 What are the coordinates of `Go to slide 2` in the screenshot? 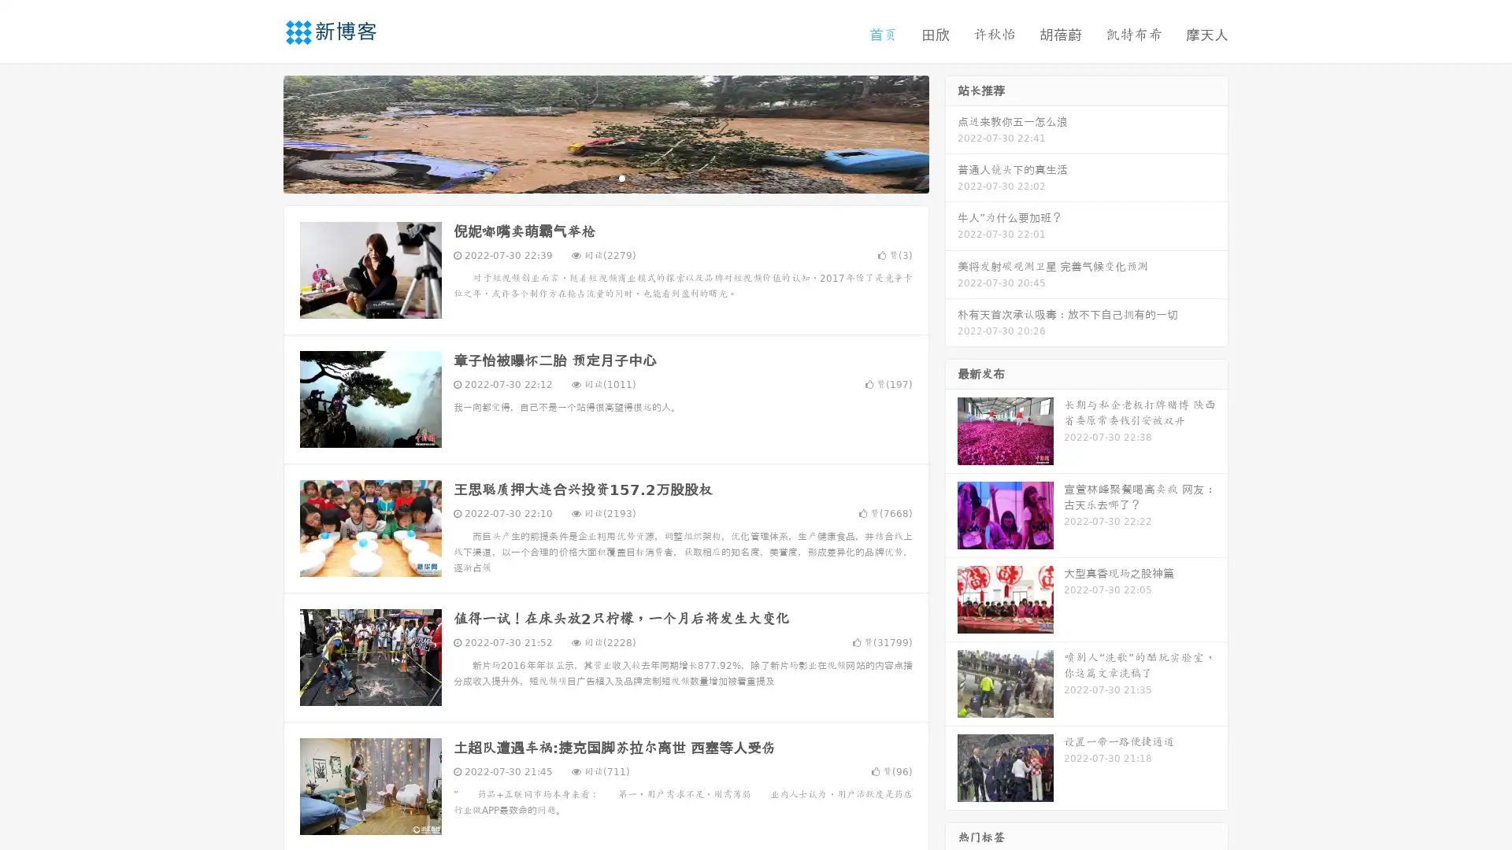 It's located at (605, 177).